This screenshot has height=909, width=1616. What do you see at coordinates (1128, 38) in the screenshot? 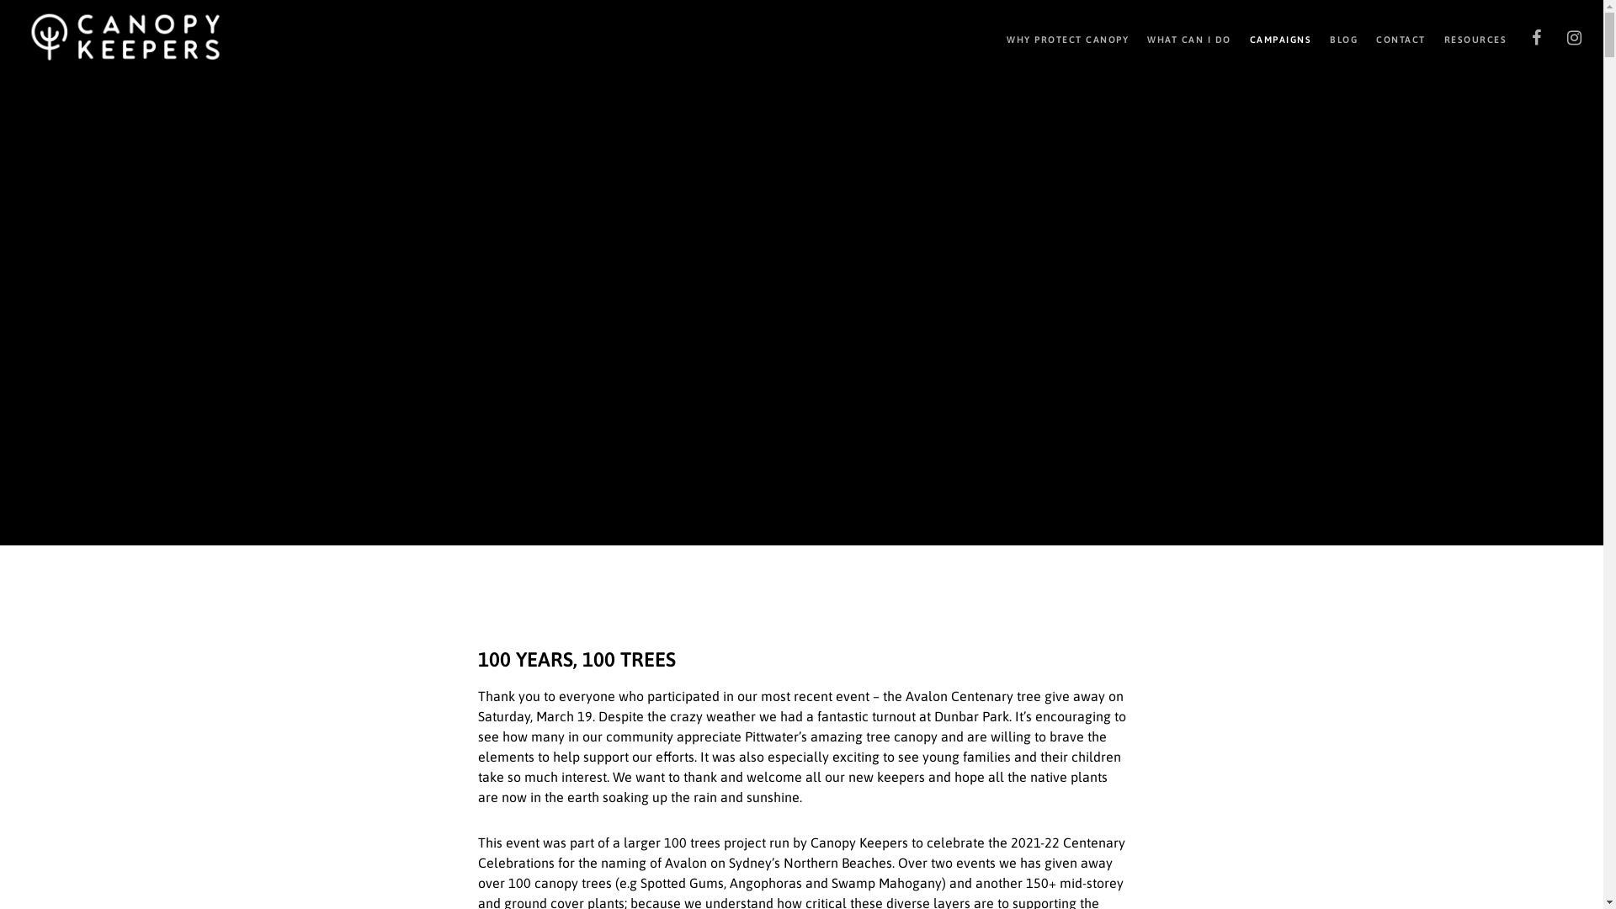
I see `'WHAT CAN I DO'` at bounding box center [1128, 38].